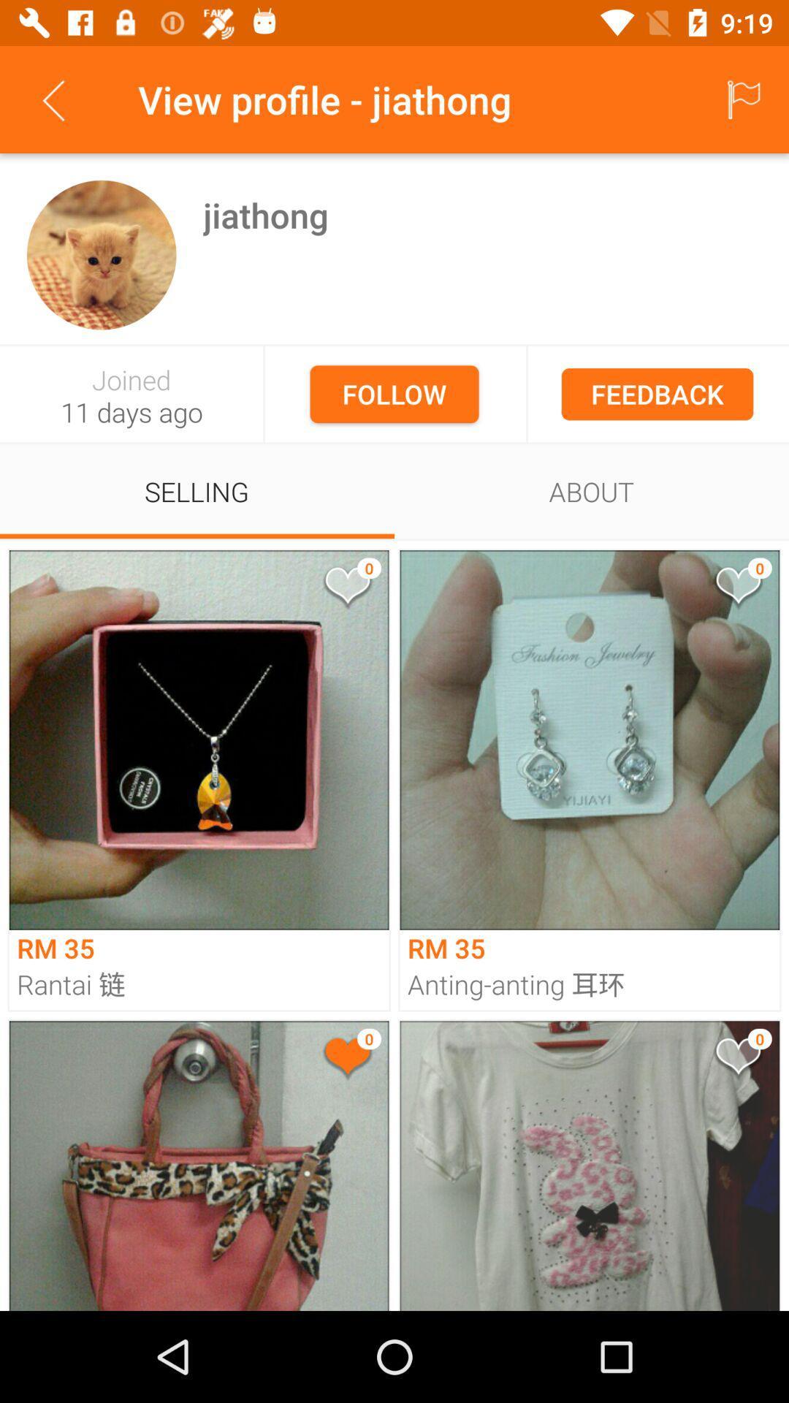  What do you see at coordinates (743, 99) in the screenshot?
I see `the icon next to view profile - jiathong icon` at bounding box center [743, 99].